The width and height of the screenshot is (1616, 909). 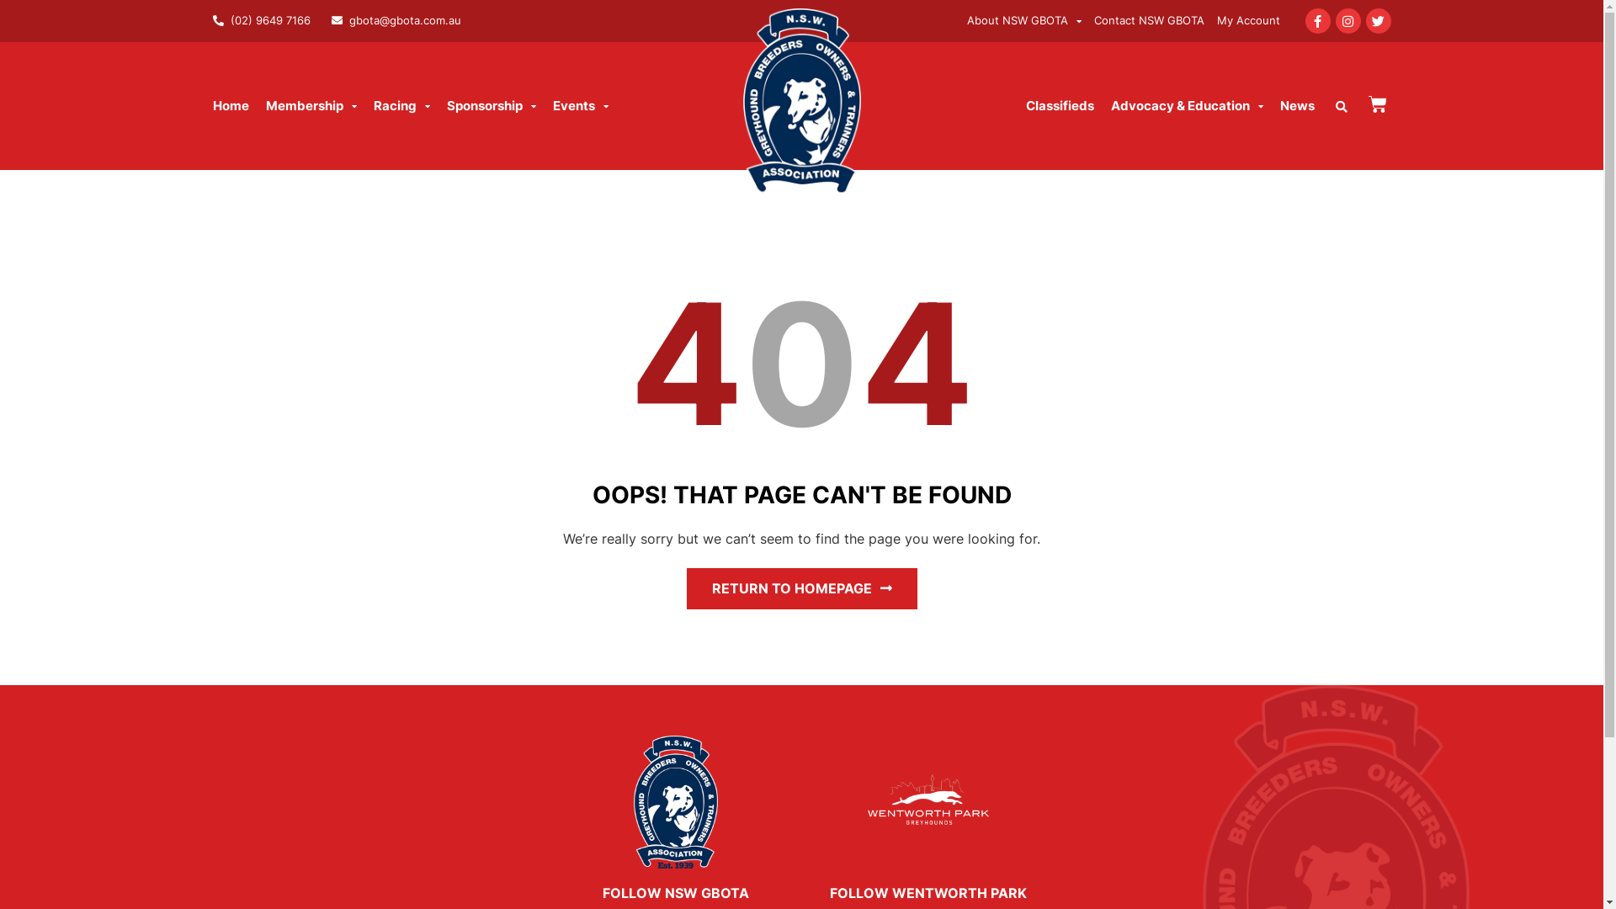 What do you see at coordinates (1186, 106) in the screenshot?
I see `'Advocacy & Education'` at bounding box center [1186, 106].